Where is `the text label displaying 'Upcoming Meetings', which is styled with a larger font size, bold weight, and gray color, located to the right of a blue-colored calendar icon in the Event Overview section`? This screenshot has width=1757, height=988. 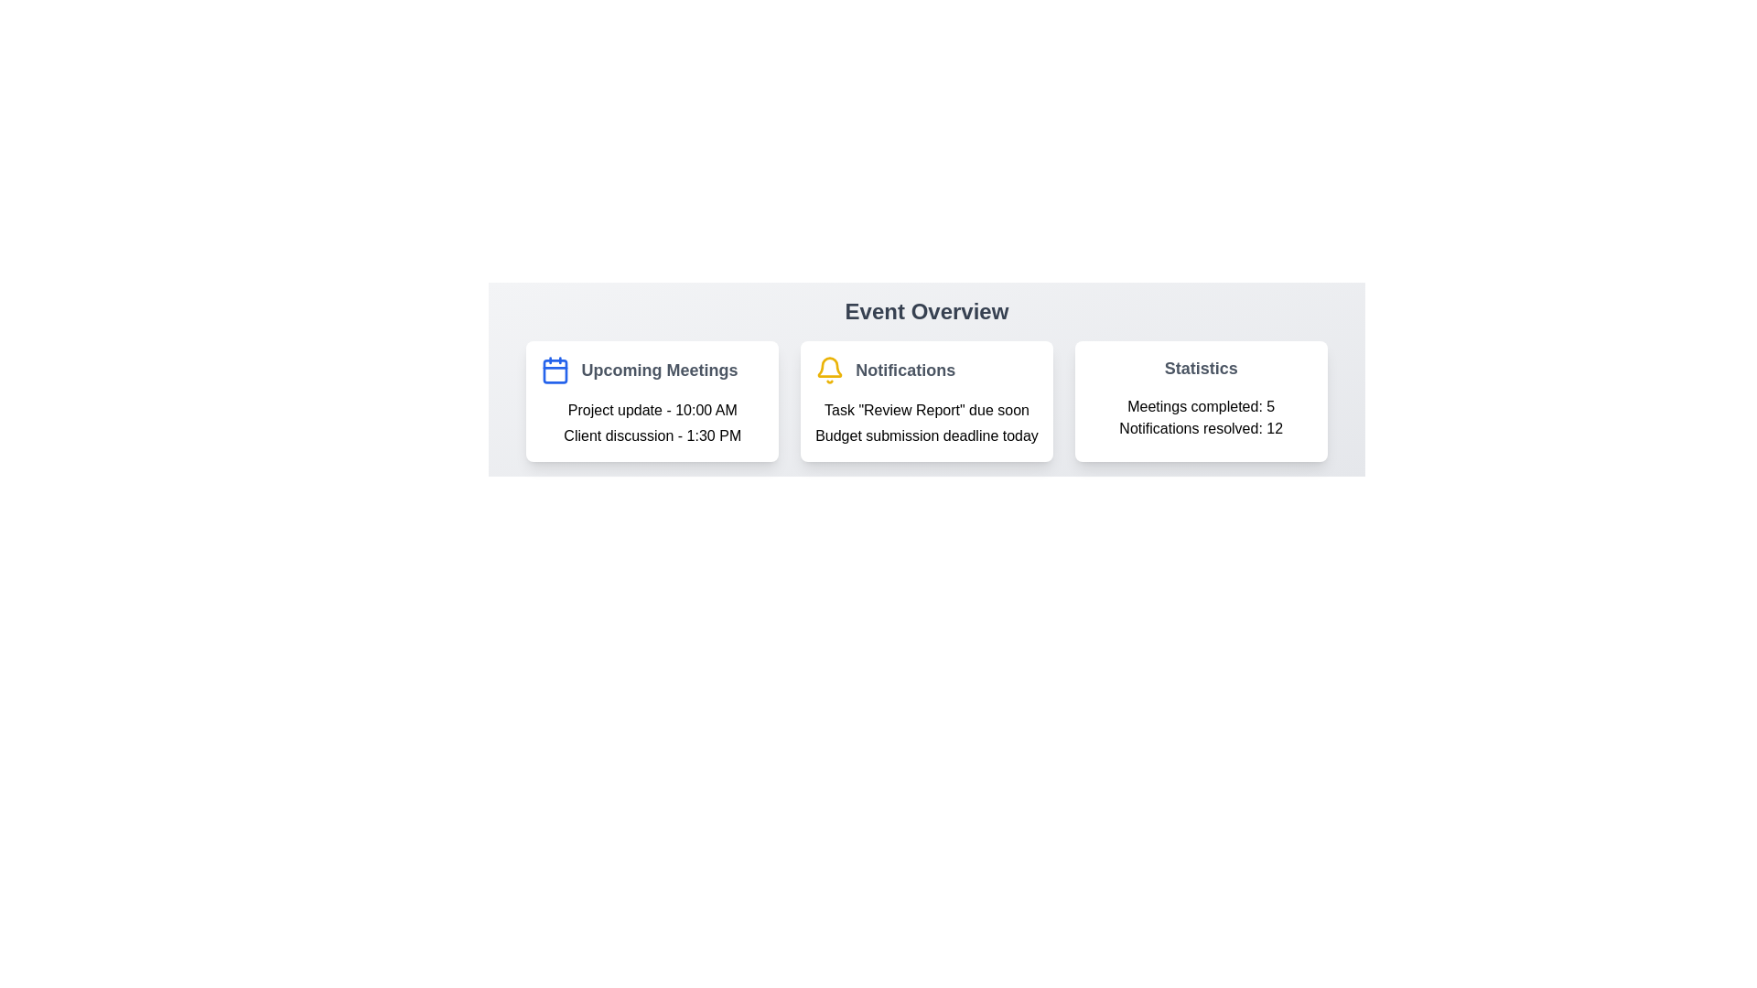
the text label displaying 'Upcoming Meetings', which is styled with a larger font size, bold weight, and gray color, located to the right of a blue-colored calendar icon in the Event Overview section is located at coordinates (659, 370).